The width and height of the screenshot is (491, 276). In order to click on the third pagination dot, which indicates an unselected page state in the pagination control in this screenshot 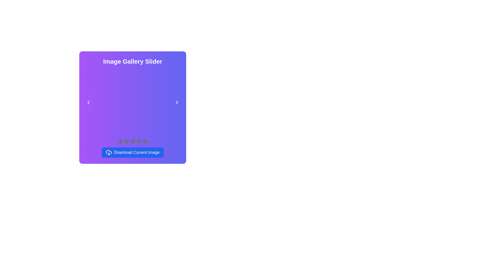, I will do `click(132, 141)`.